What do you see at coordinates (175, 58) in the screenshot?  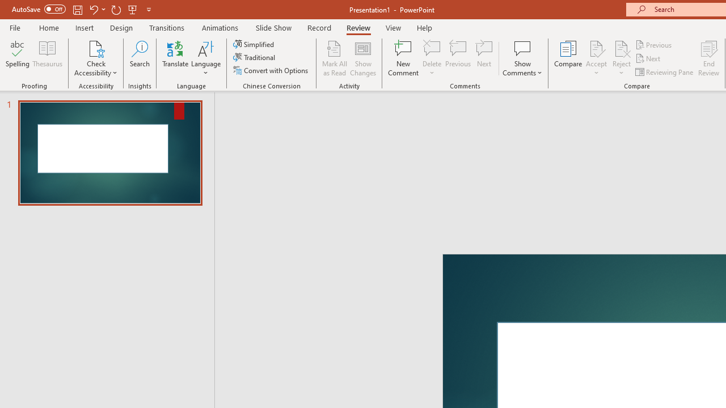 I see `'Translate'` at bounding box center [175, 58].